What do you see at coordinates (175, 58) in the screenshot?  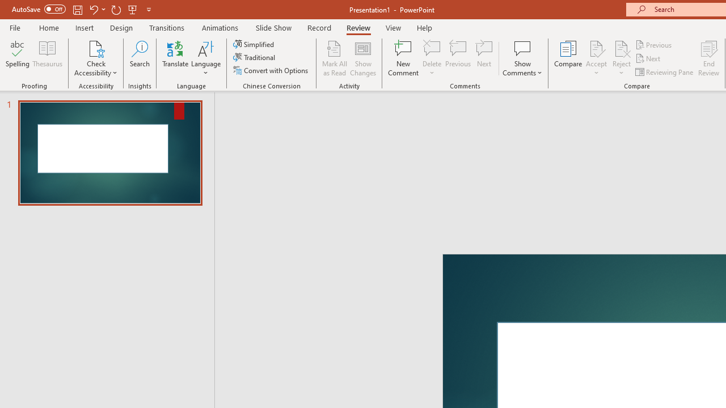 I see `'Translate'` at bounding box center [175, 58].